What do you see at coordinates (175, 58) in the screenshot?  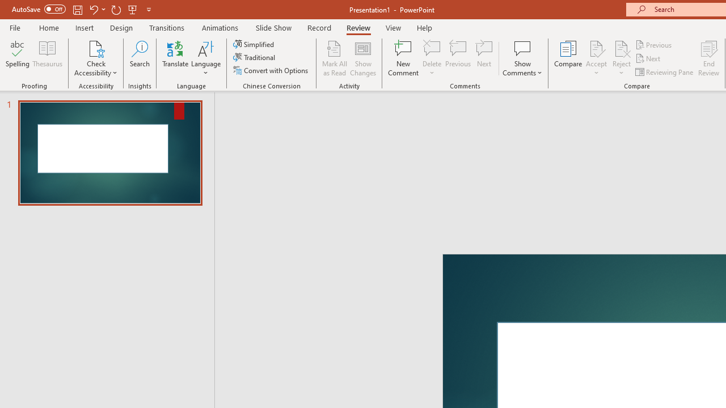 I see `'Translate'` at bounding box center [175, 58].